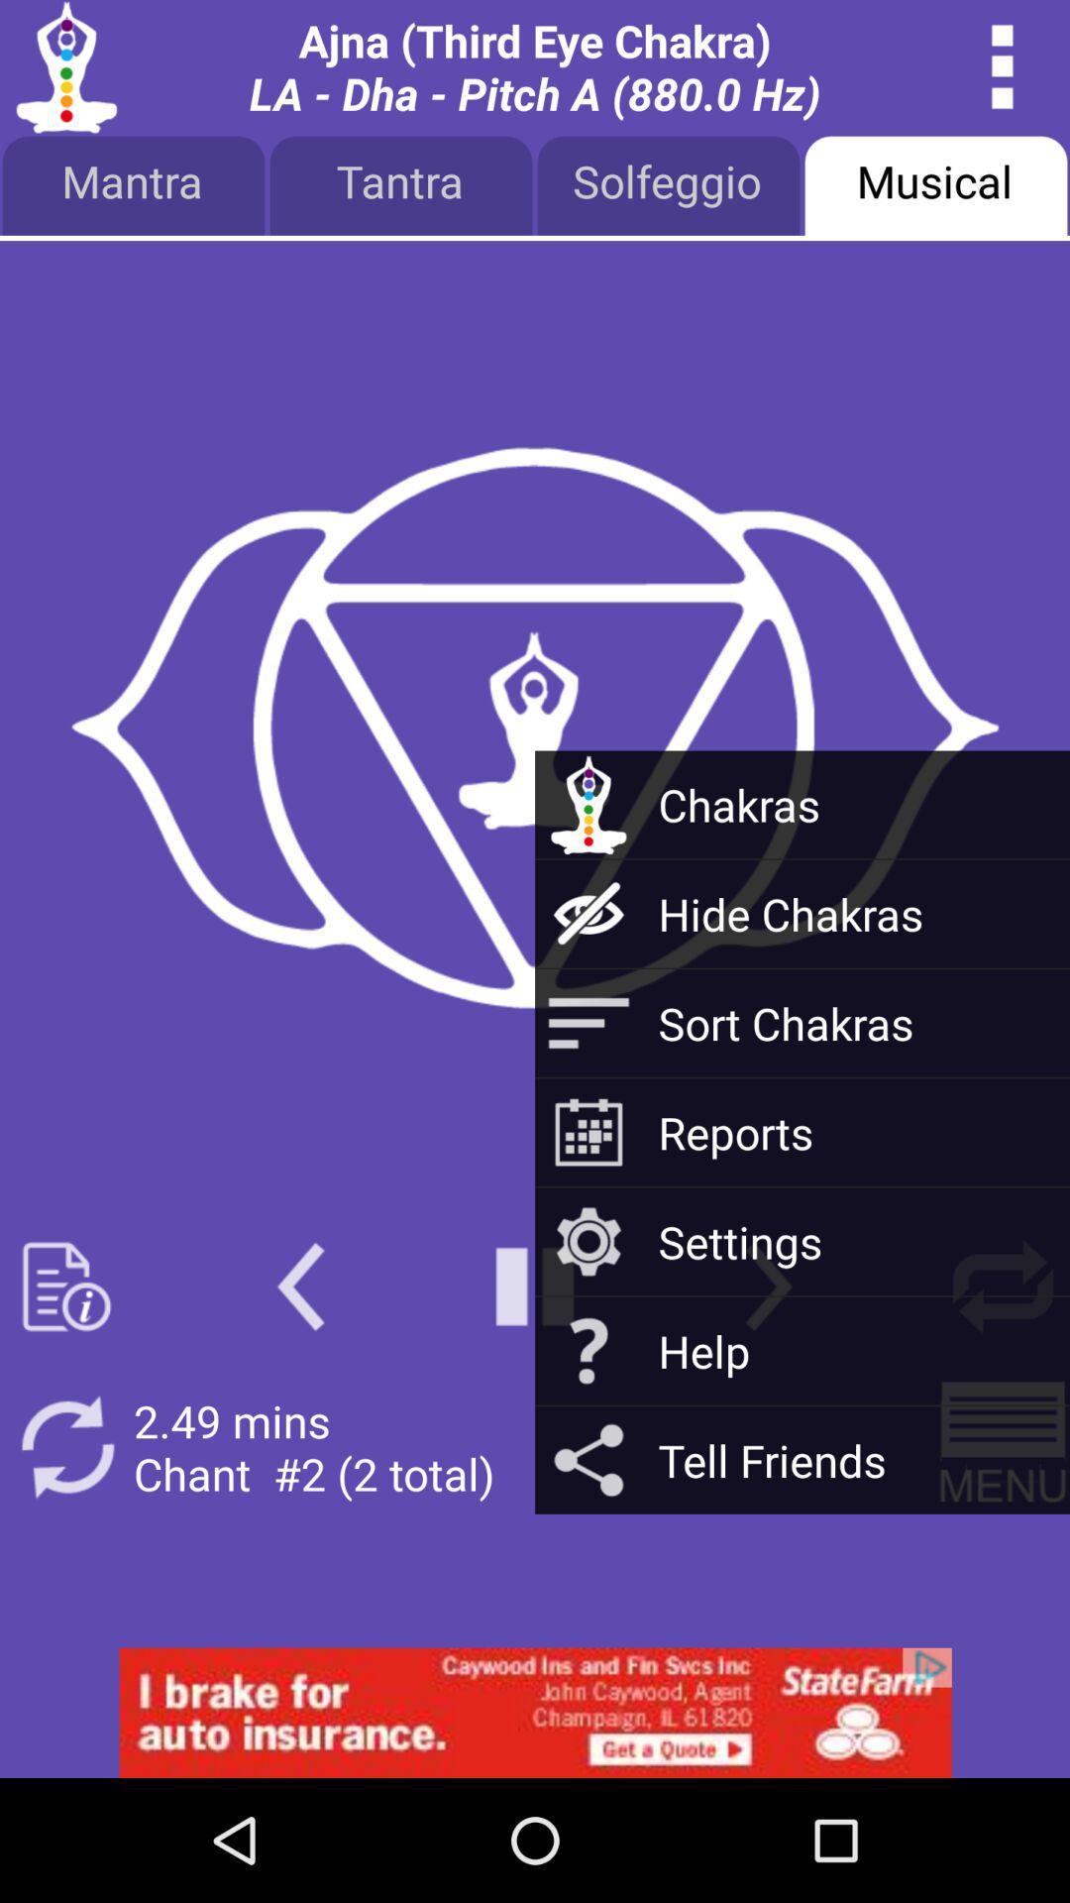 The width and height of the screenshot is (1070, 1903). What do you see at coordinates (65, 1447) in the screenshot?
I see `reload button` at bounding box center [65, 1447].